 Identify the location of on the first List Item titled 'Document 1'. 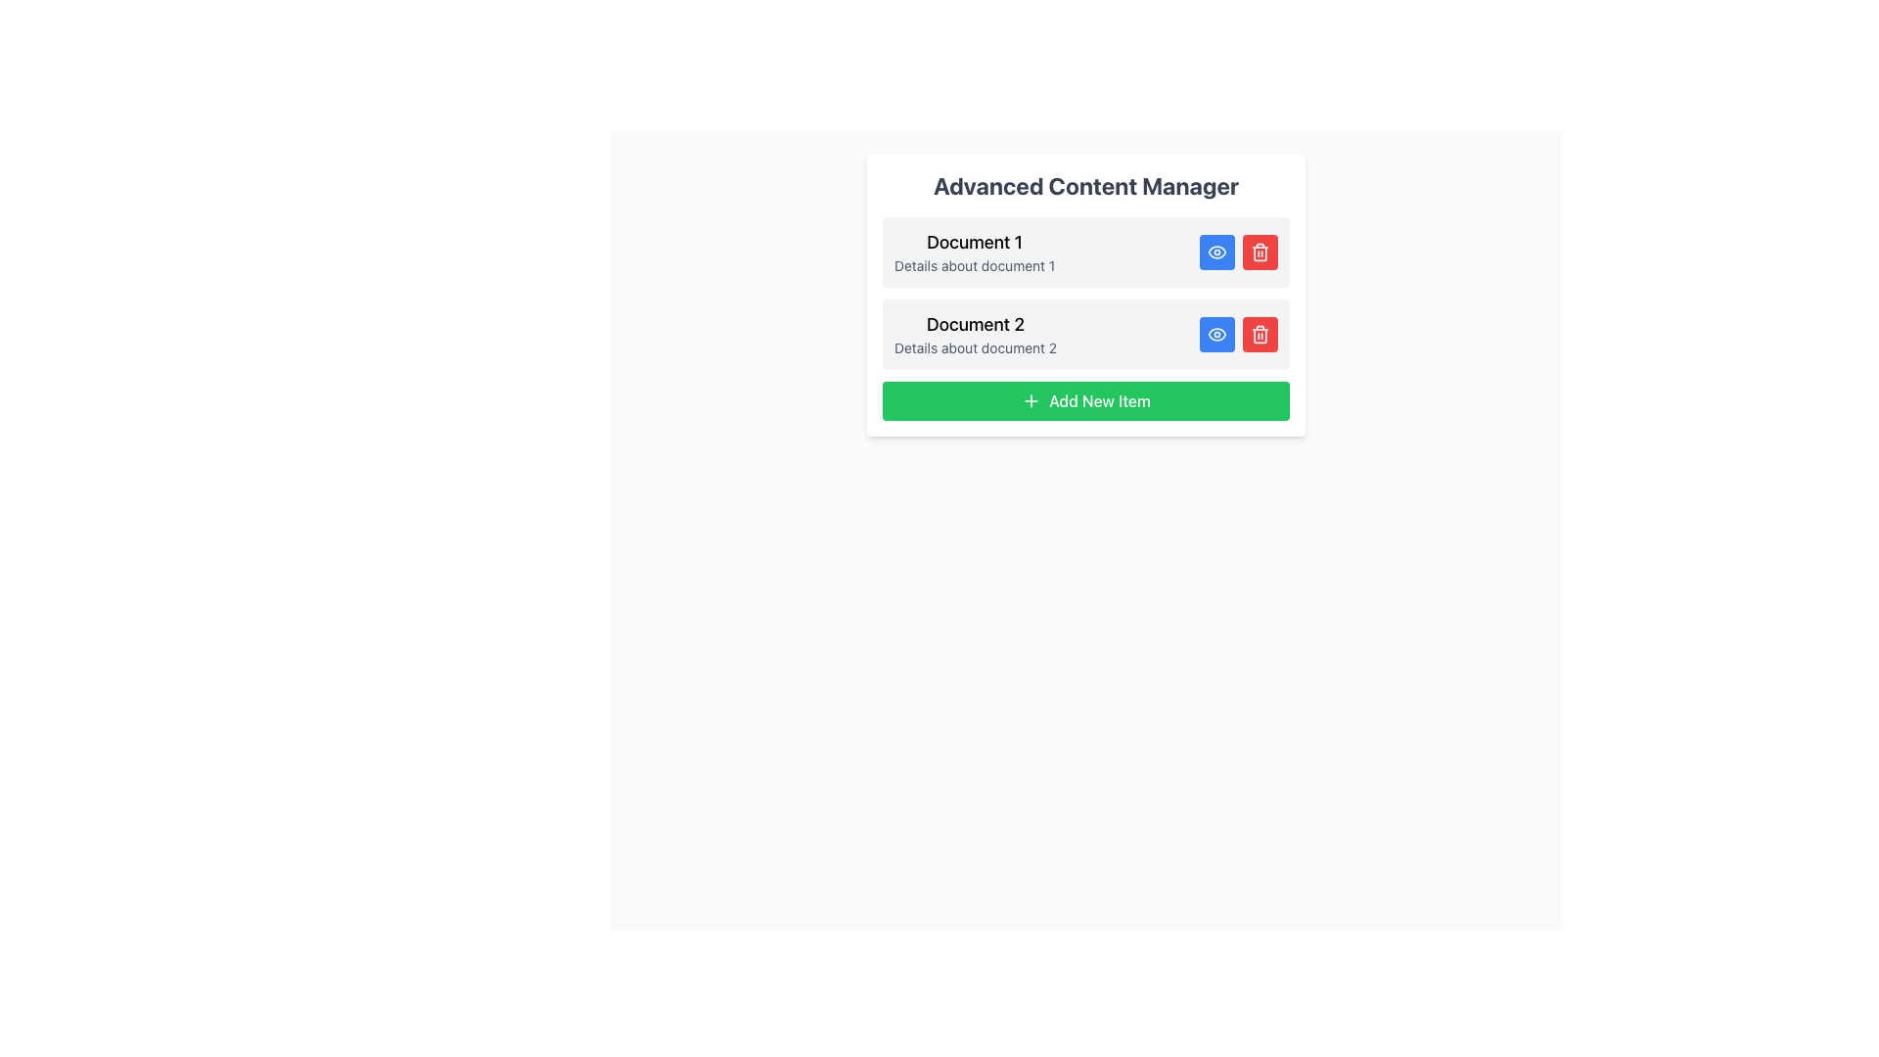
(1084, 252).